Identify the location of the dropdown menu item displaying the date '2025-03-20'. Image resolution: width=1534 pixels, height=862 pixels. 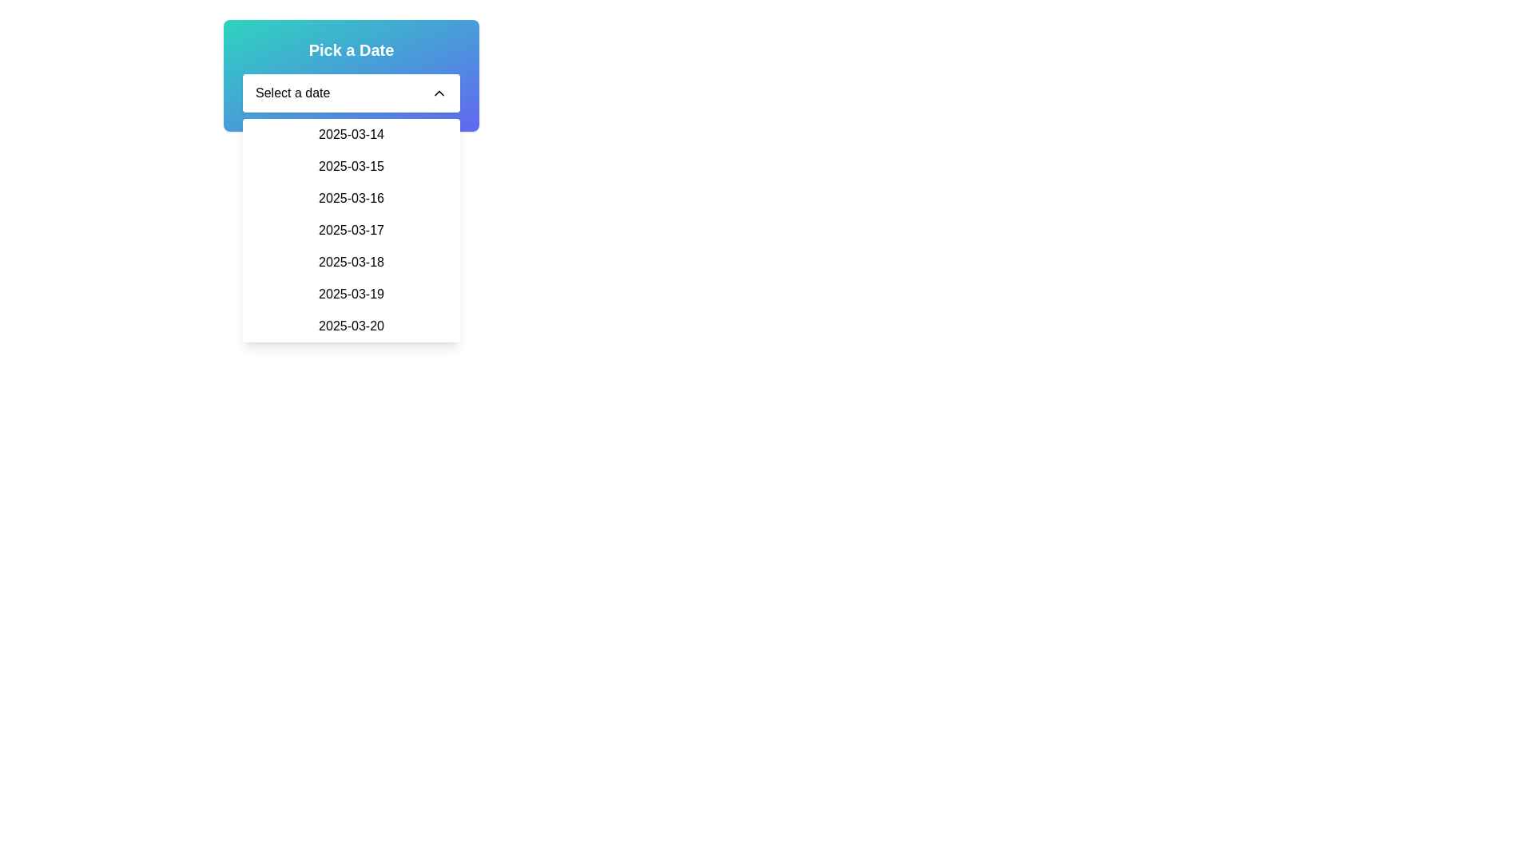
(351, 325).